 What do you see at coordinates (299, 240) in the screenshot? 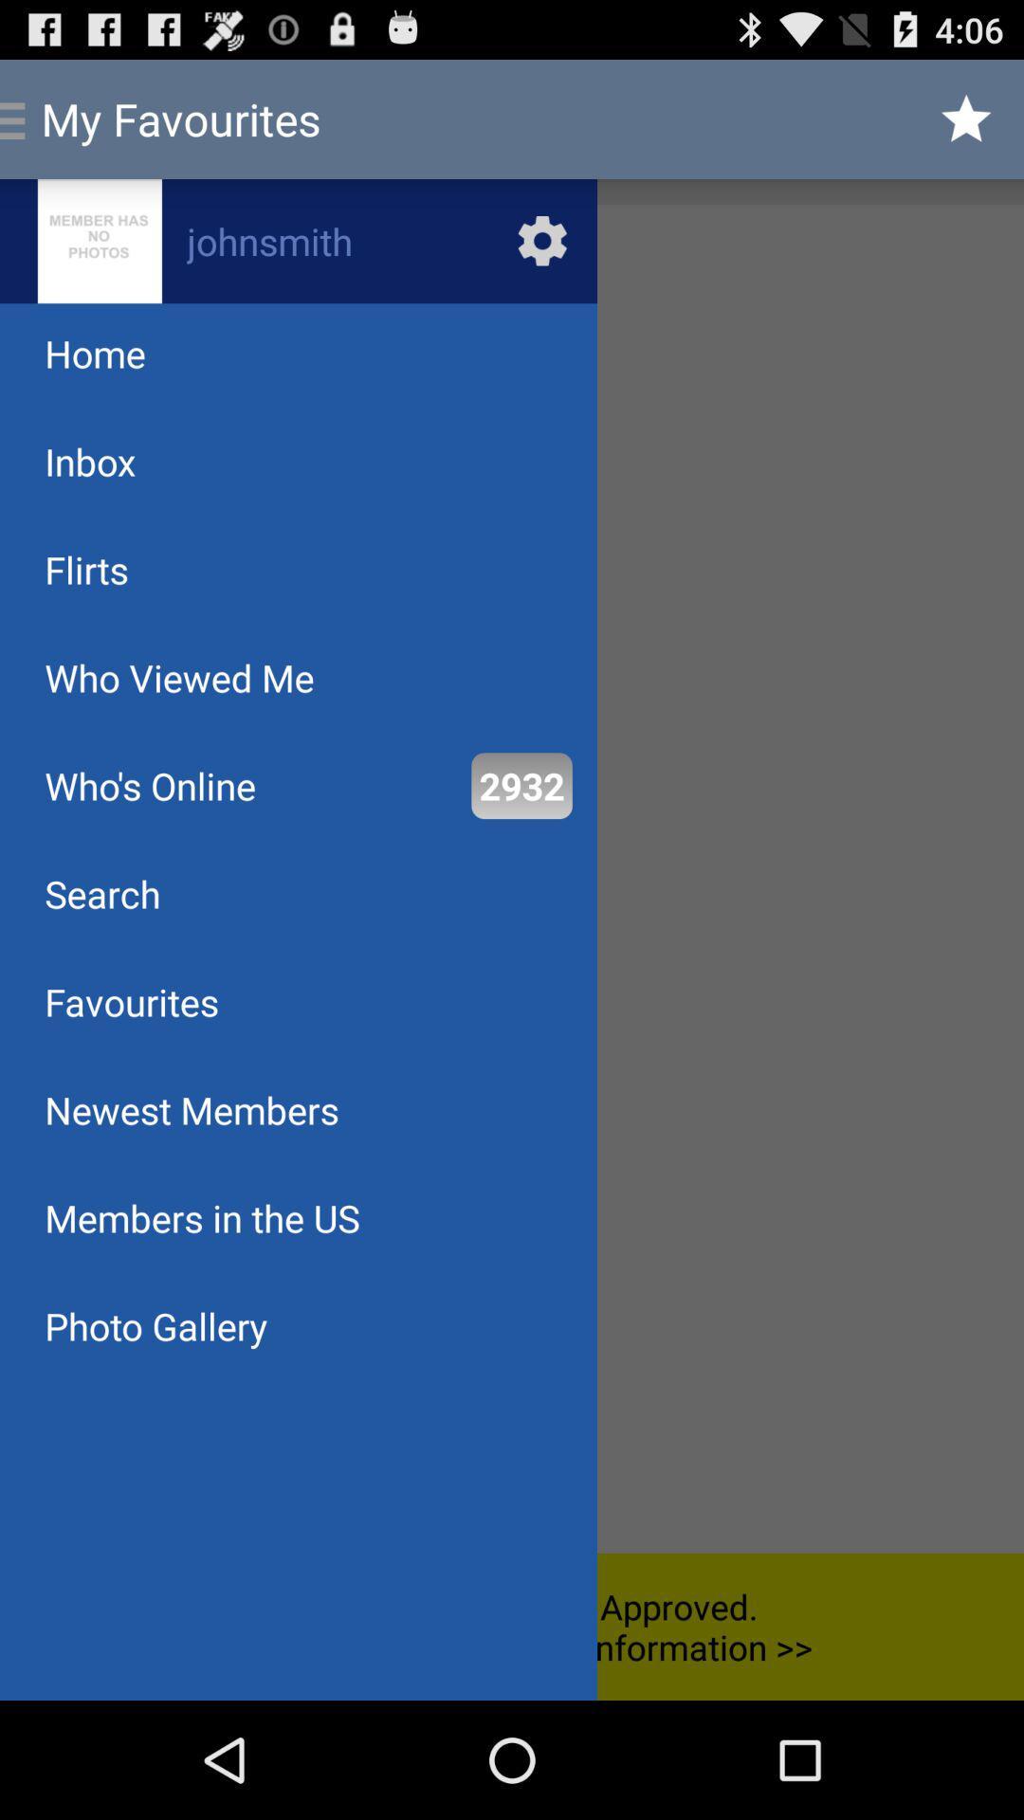
I see `profile photo and profile name for the currently logged in user` at bounding box center [299, 240].